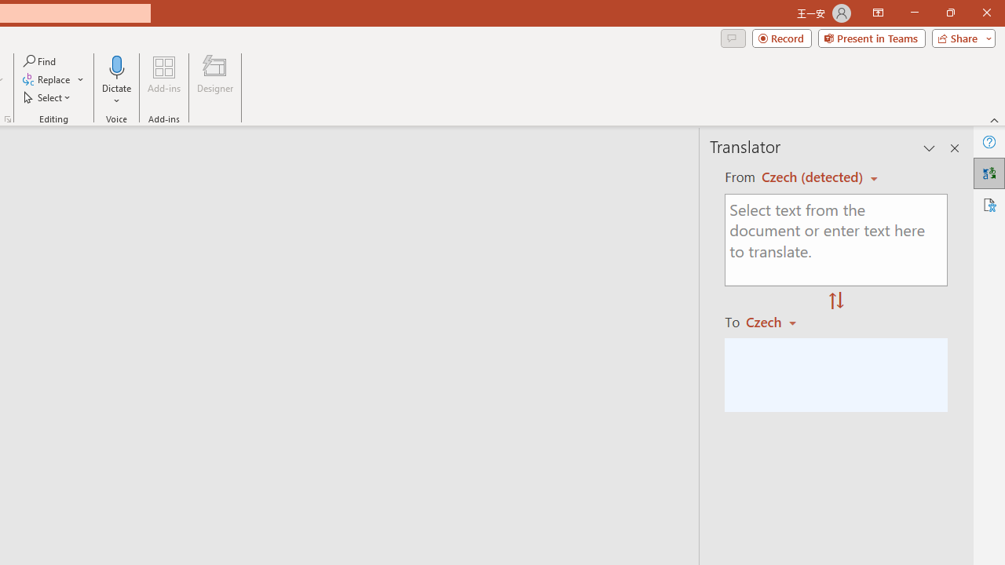 The width and height of the screenshot is (1005, 565). I want to click on 'Select', so click(48, 97).